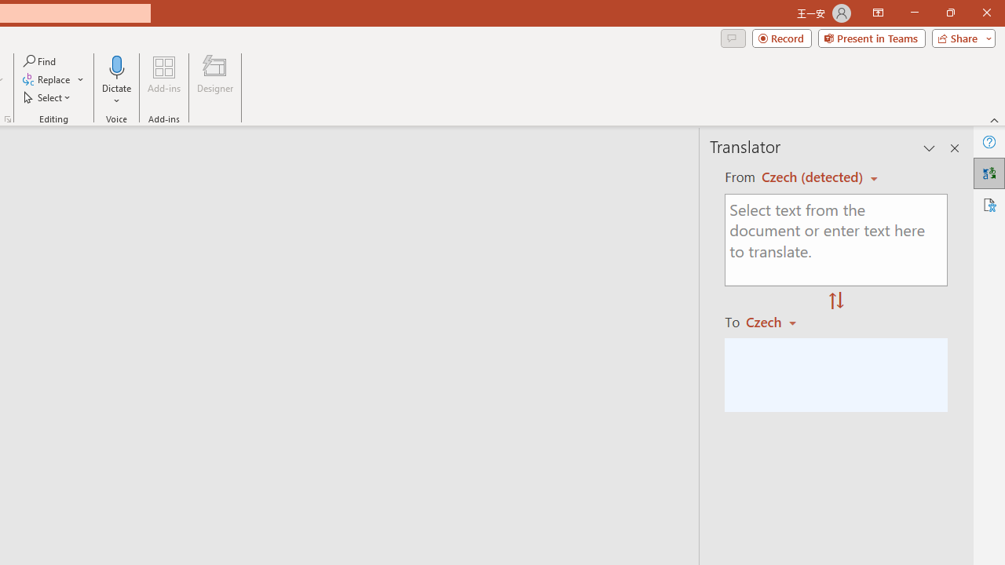 The width and height of the screenshot is (1005, 565). I want to click on 'Select', so click(48, 97).